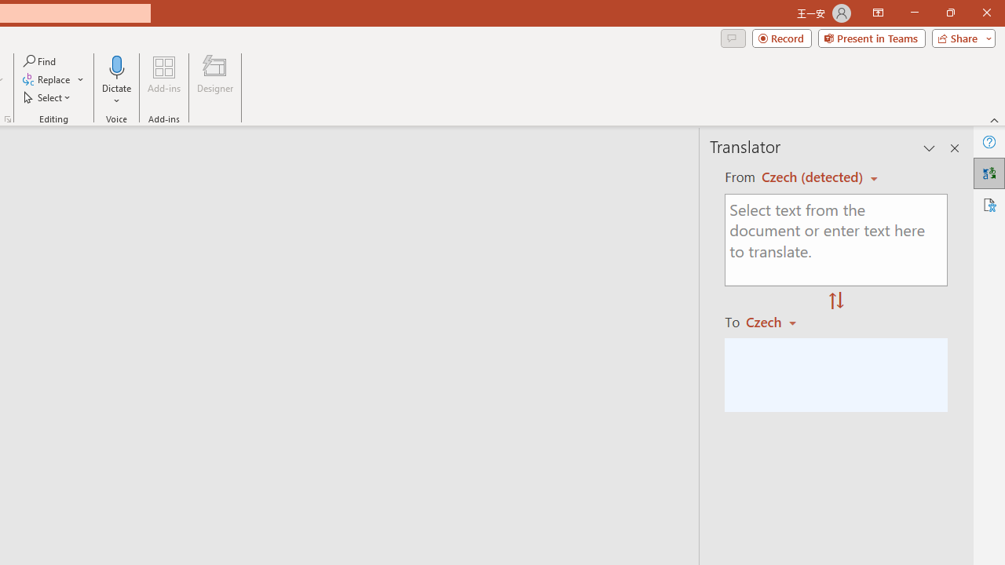 The width and height of the screenshot is (1005, 565). I want to click on 'Select', so click(48, 97).